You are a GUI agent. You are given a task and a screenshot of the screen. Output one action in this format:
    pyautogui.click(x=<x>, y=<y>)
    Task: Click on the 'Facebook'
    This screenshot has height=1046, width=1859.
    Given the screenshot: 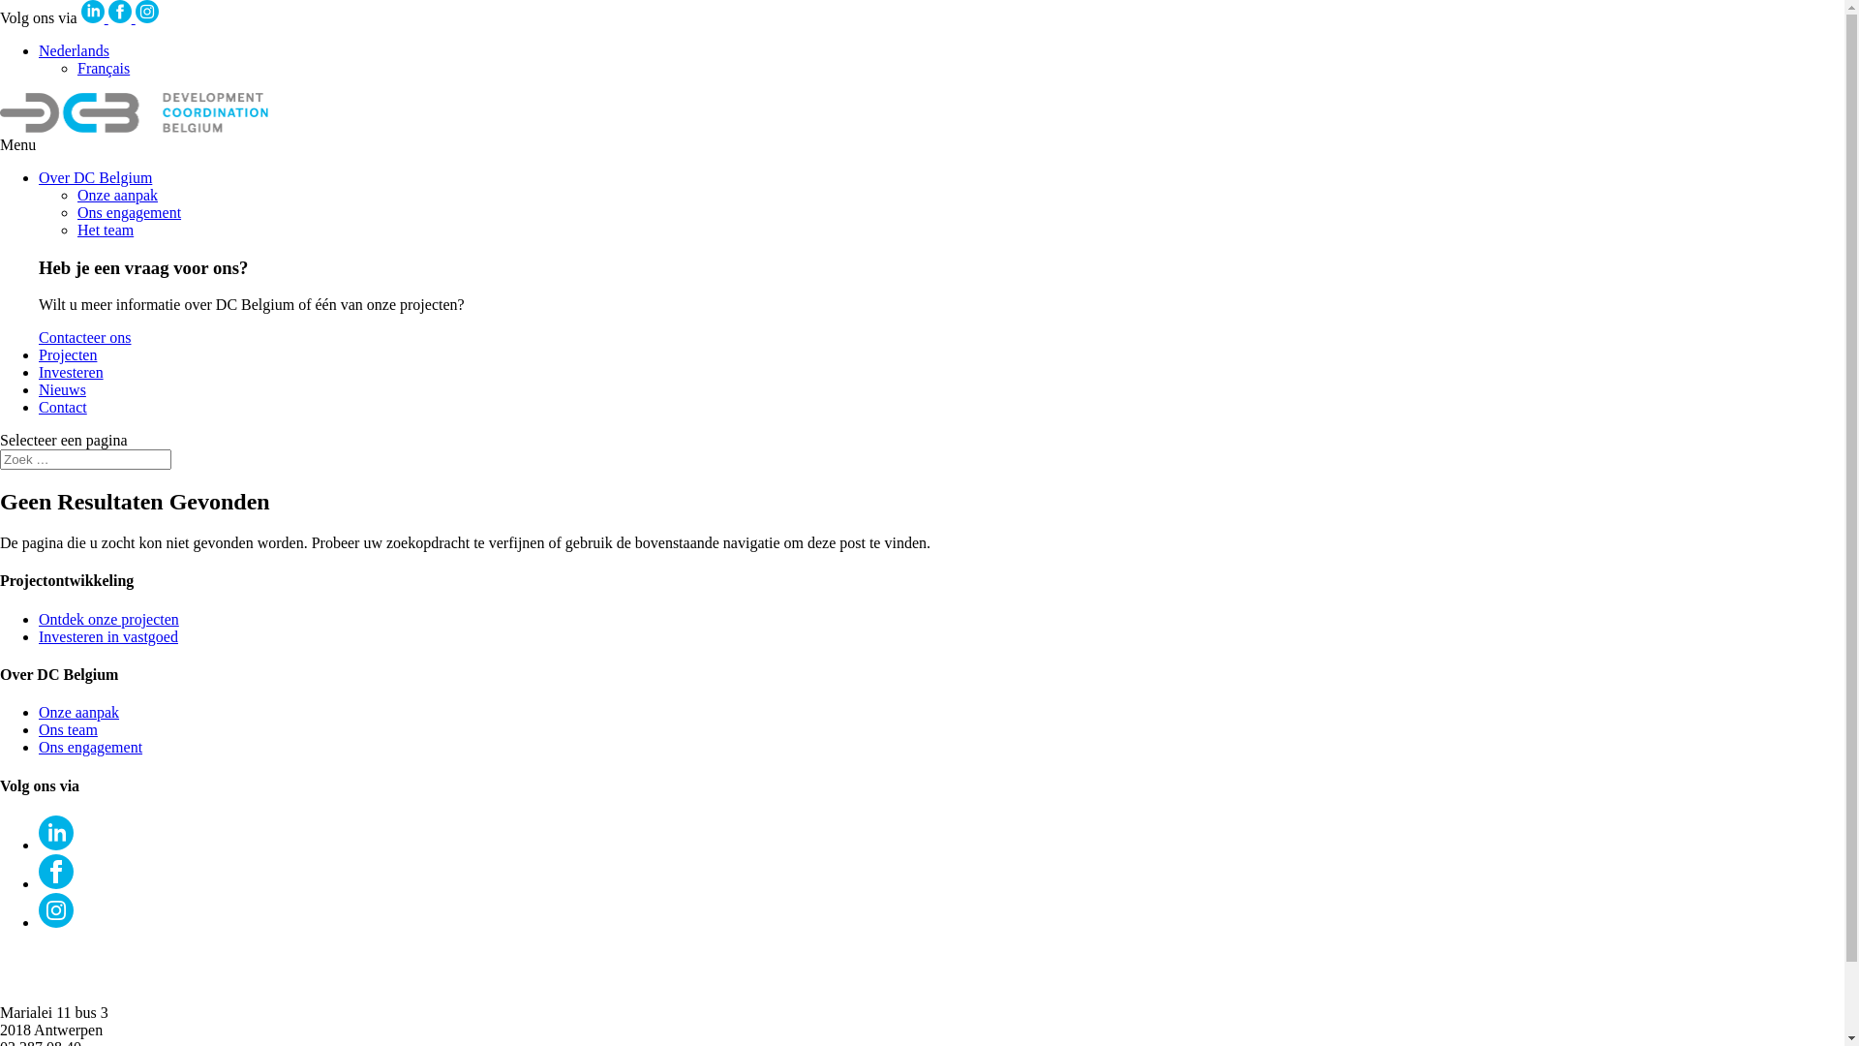 What is the action you would take?
    pyautogui.click(x=119, y=11)
    